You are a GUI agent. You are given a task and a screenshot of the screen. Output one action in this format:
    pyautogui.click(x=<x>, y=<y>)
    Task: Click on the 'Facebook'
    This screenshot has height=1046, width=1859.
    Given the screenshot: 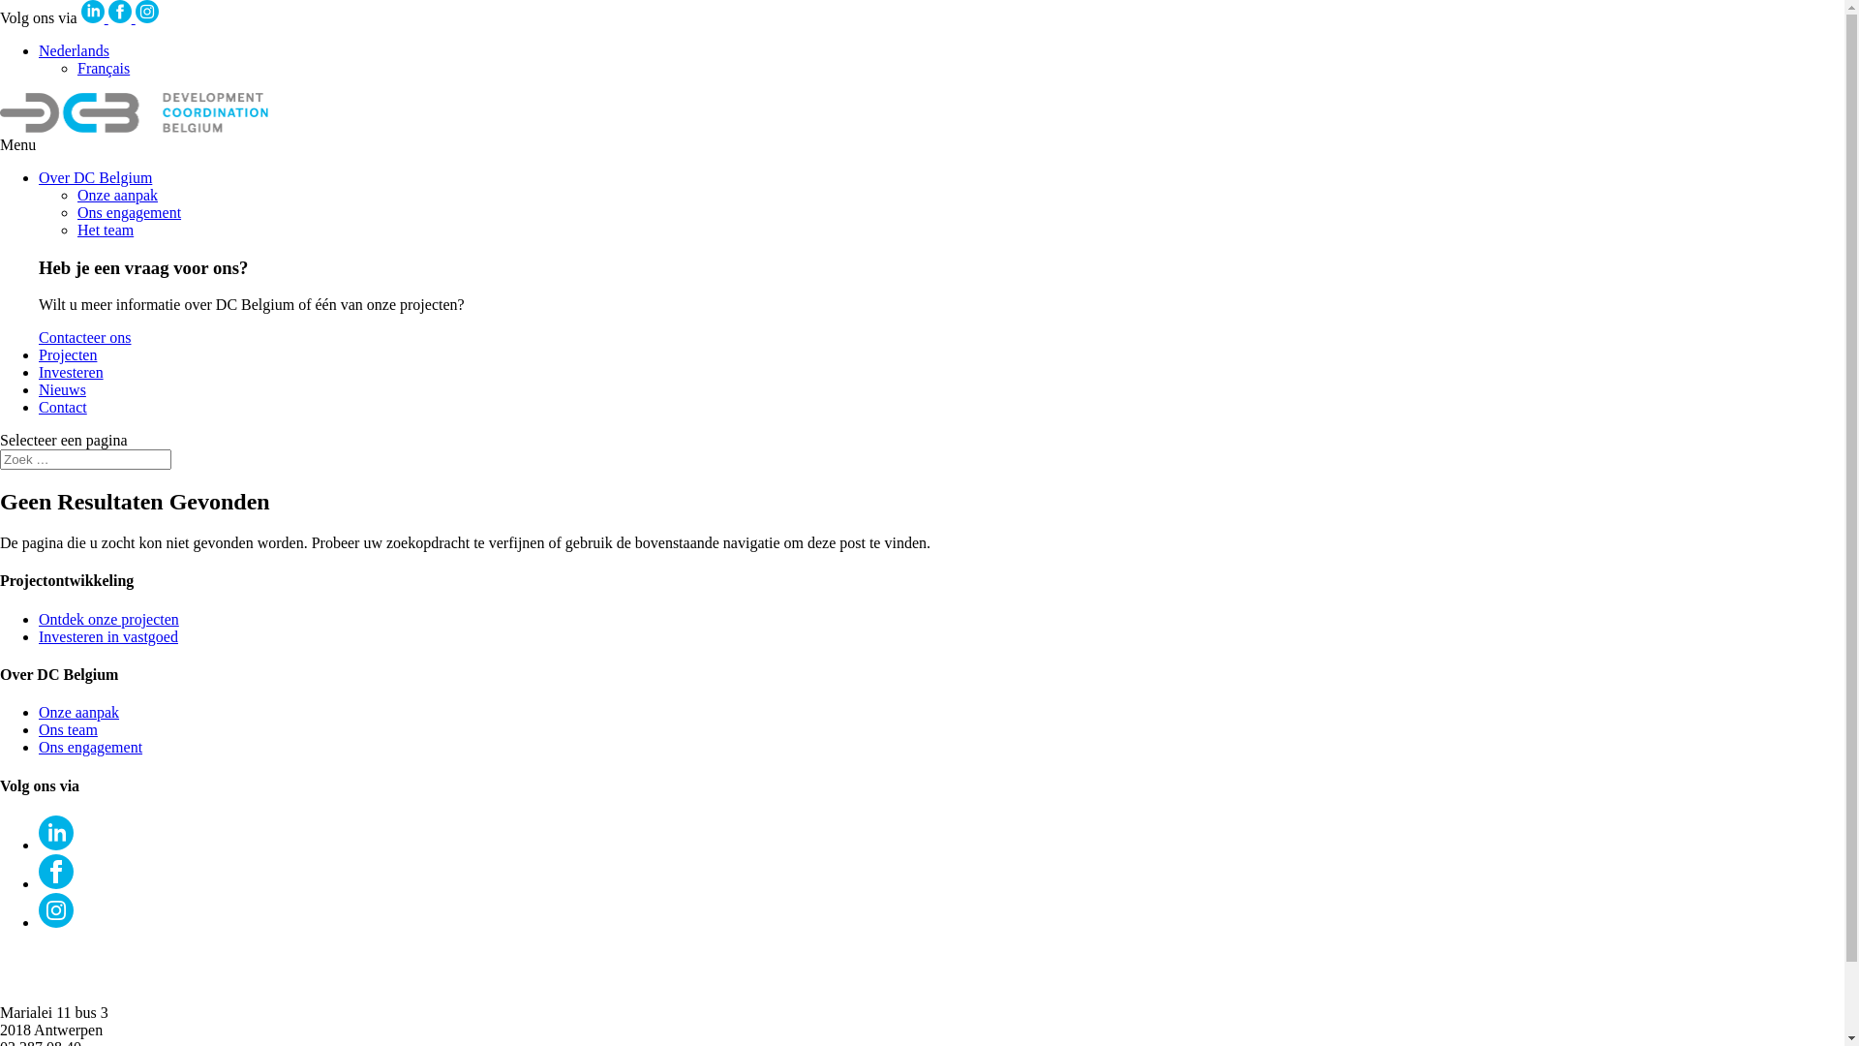 What is the action you would take?
    pyautogui.click(x=119, y=11)
    